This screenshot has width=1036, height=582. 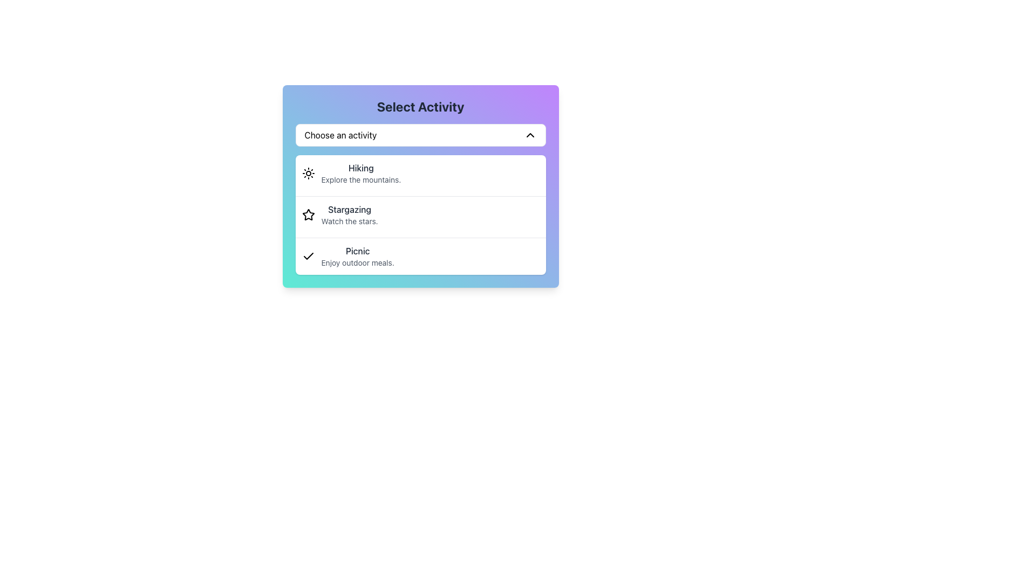 What do you see at coordinates (308, 256) in the screenshot?
I see `the visual indicator icon for the 'Picnic' option, which is located to the left of the text labels 'Picnic' and 'Enjoy outdoor meals' in the 'Select Activity' list` at bounding box center [308, 256].